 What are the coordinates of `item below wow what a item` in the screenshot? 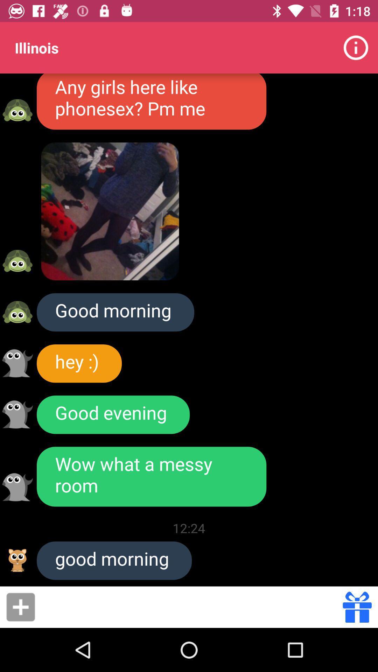 It's located at (189, 528).